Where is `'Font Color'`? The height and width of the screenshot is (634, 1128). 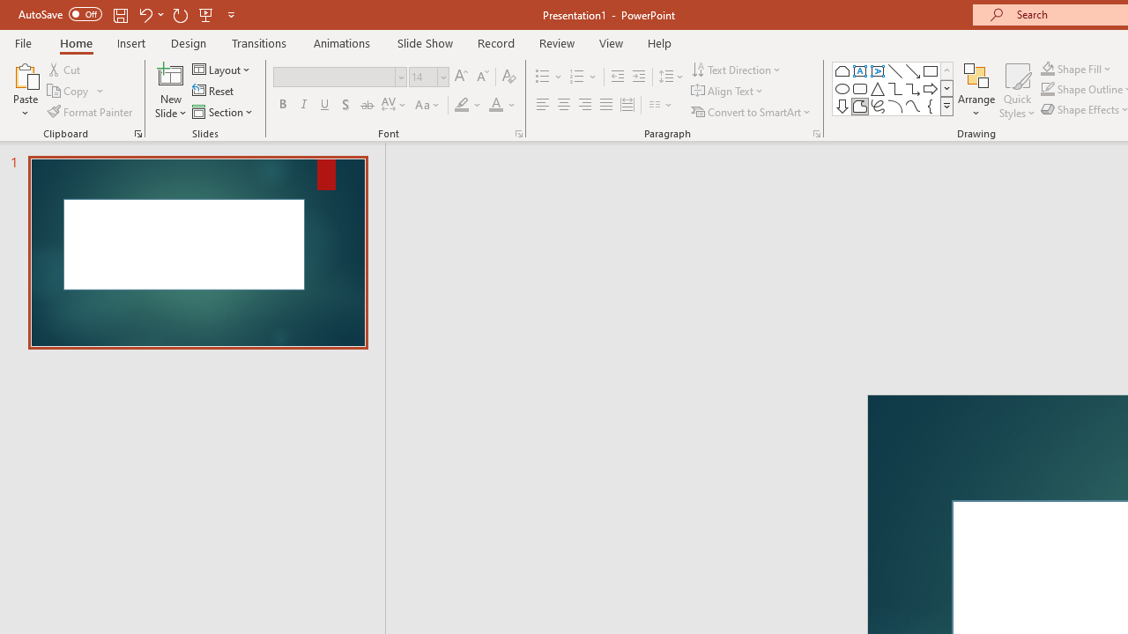
'Font Color' is located at coordinates (501, 105).